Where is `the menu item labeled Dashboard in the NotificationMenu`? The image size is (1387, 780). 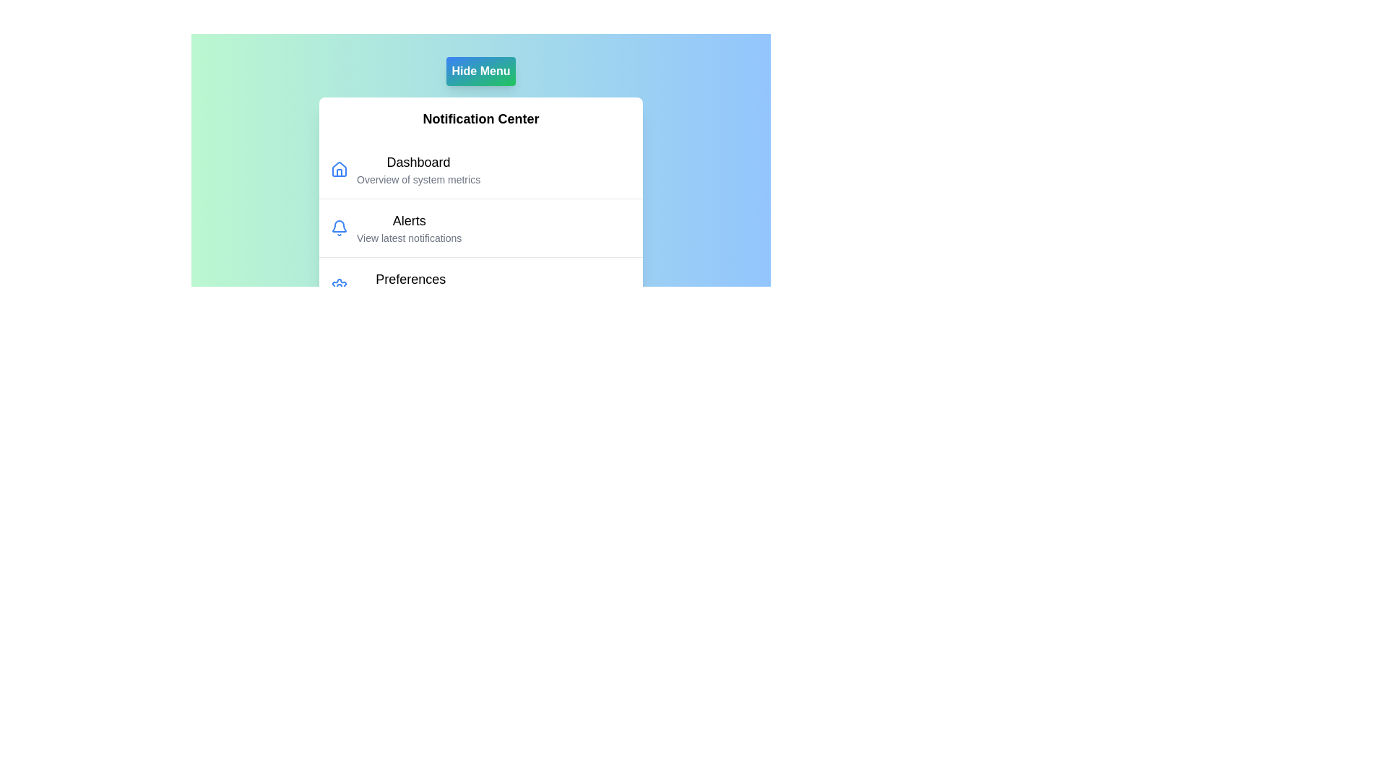 the menu item labeled Dashboard in the NotificationMenu is located at coordinates (418, 162).